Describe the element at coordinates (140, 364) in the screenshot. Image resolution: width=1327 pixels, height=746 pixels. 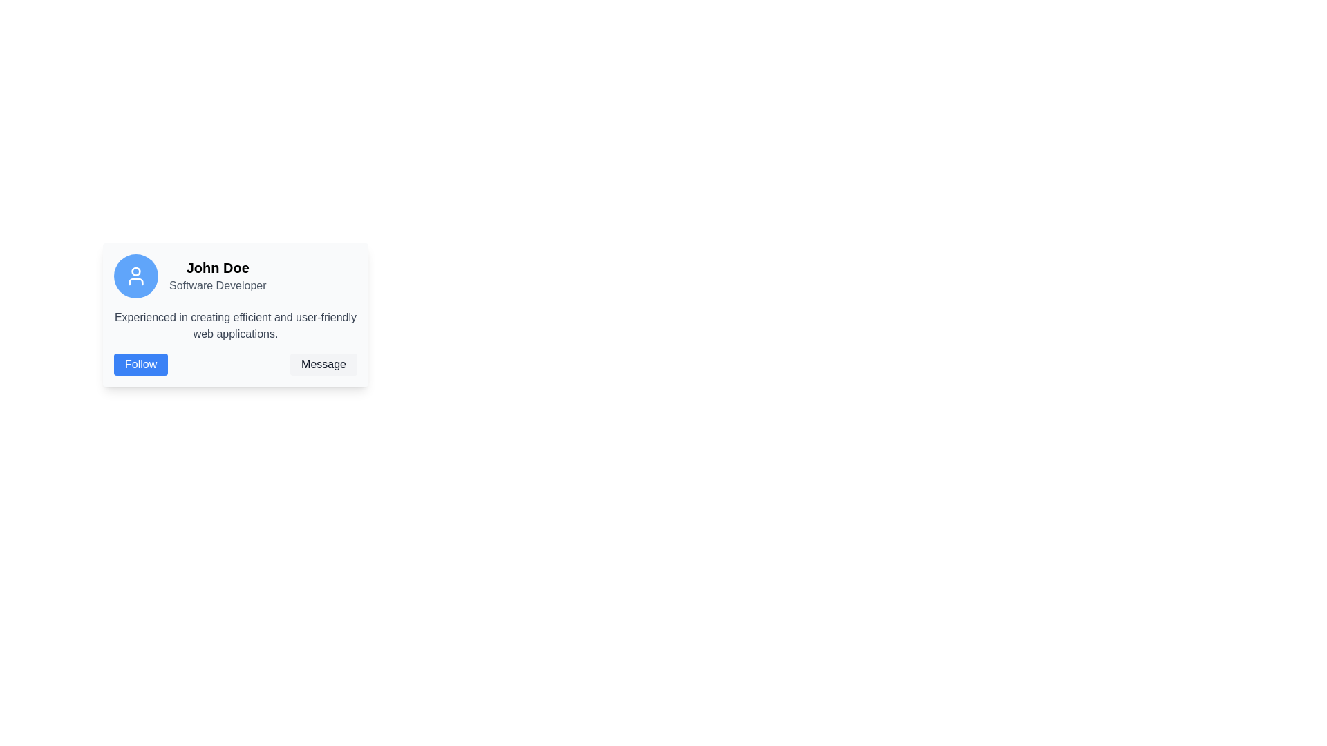
I see `the 'Follow' button, which is a rounded button with a blue background and white text, located beneath the user information section` at that location.